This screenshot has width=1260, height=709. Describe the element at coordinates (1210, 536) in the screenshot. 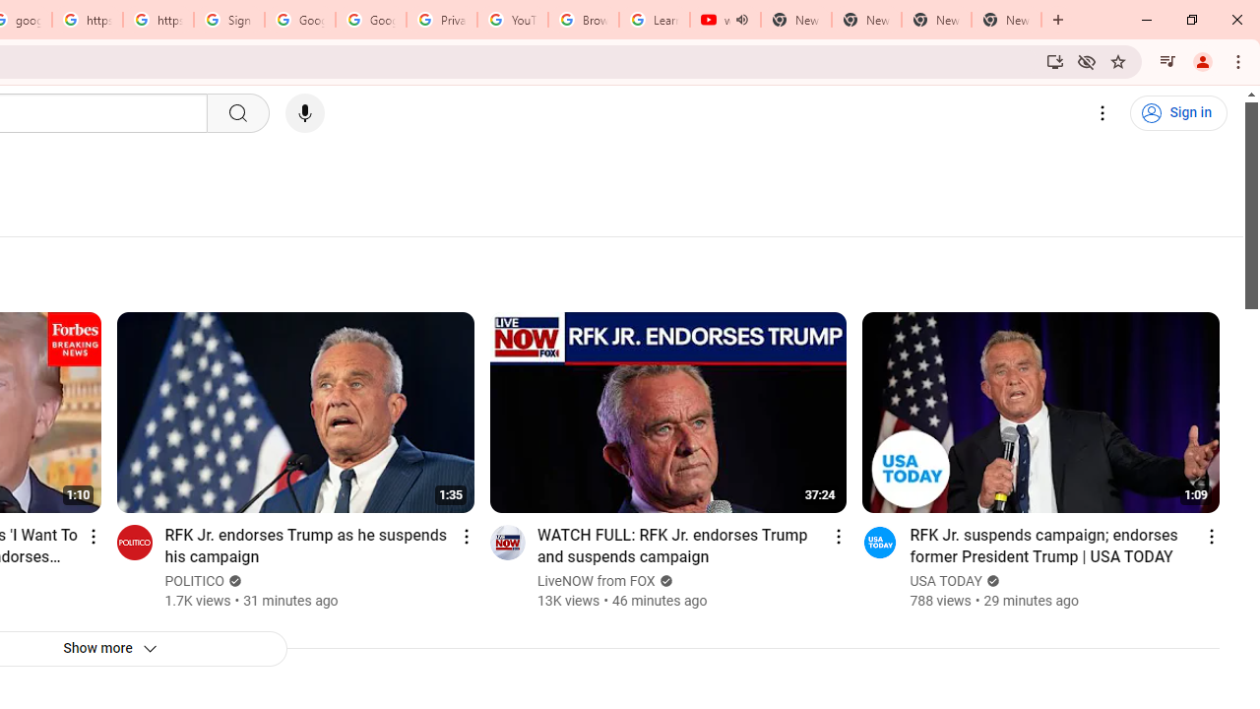

I see `'Action menu'` at that location.